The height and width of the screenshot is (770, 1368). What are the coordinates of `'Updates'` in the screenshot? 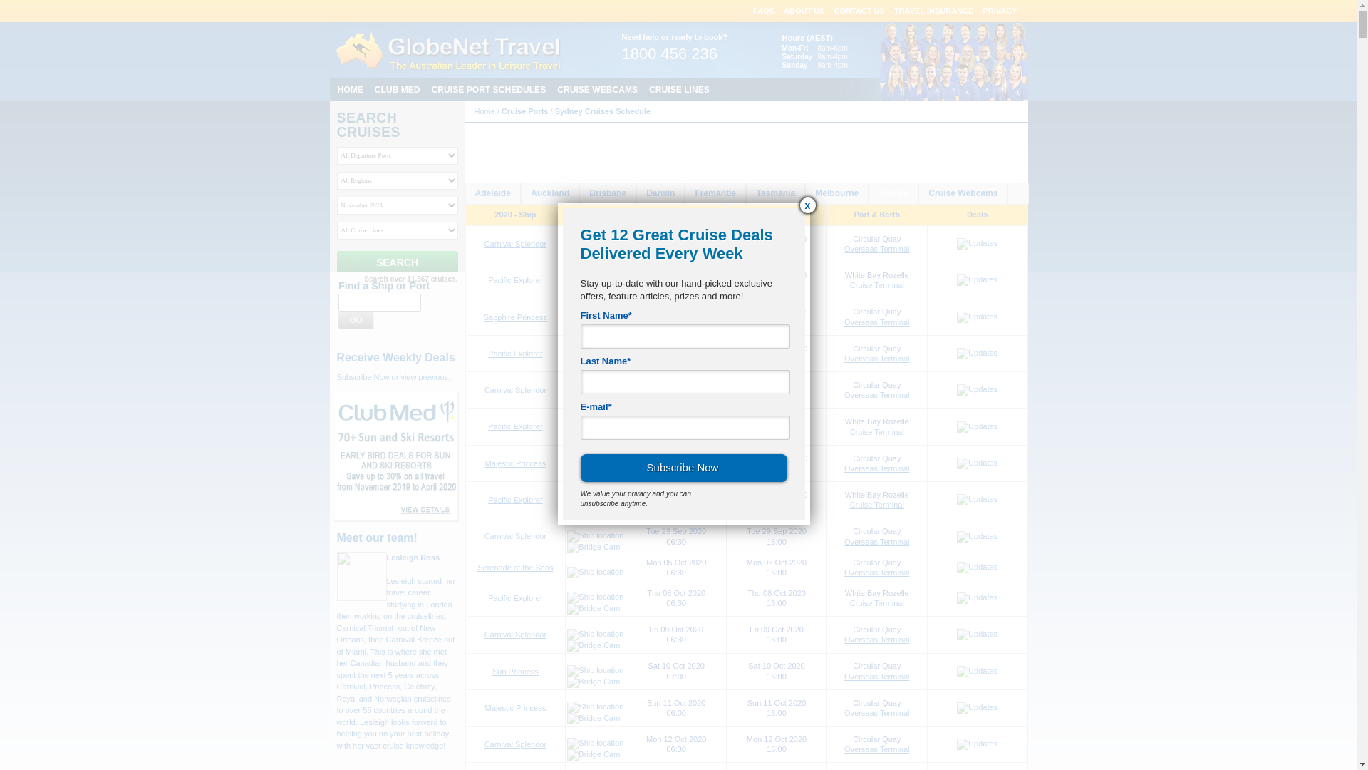 It's located at (976, 243).